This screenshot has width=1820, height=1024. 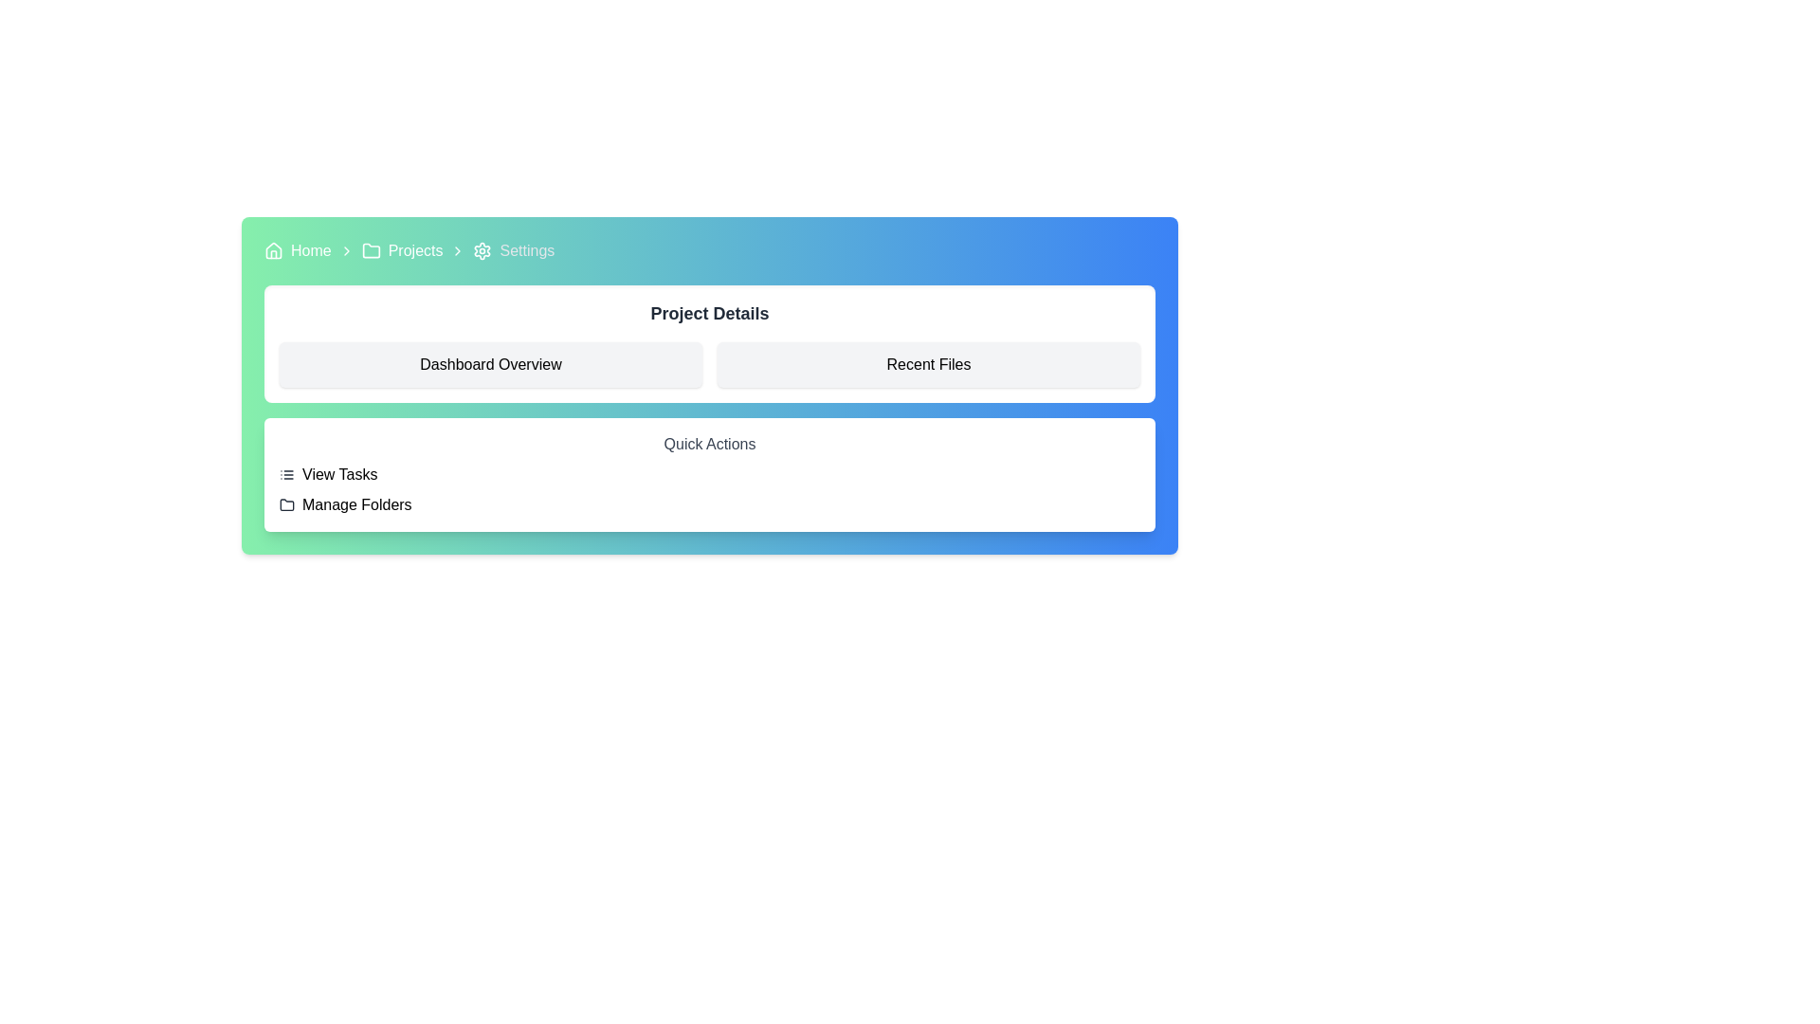 What do you see at coordinates (310, 250) in the screenshot?
I see `the 'Home' text link in the navigation bar` at bounding box center [310, 250].